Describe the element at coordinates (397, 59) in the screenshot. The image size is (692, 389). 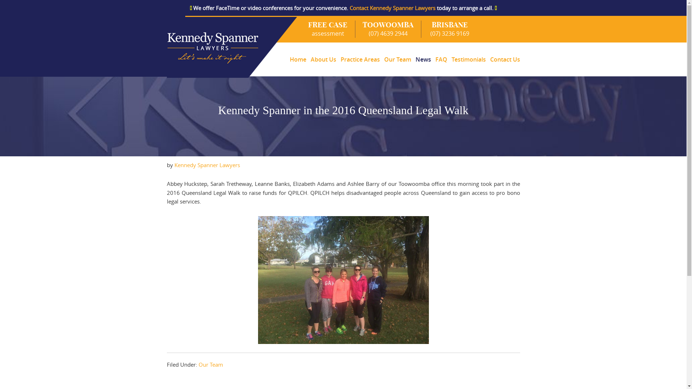
I see `'Our Team'` at that location.